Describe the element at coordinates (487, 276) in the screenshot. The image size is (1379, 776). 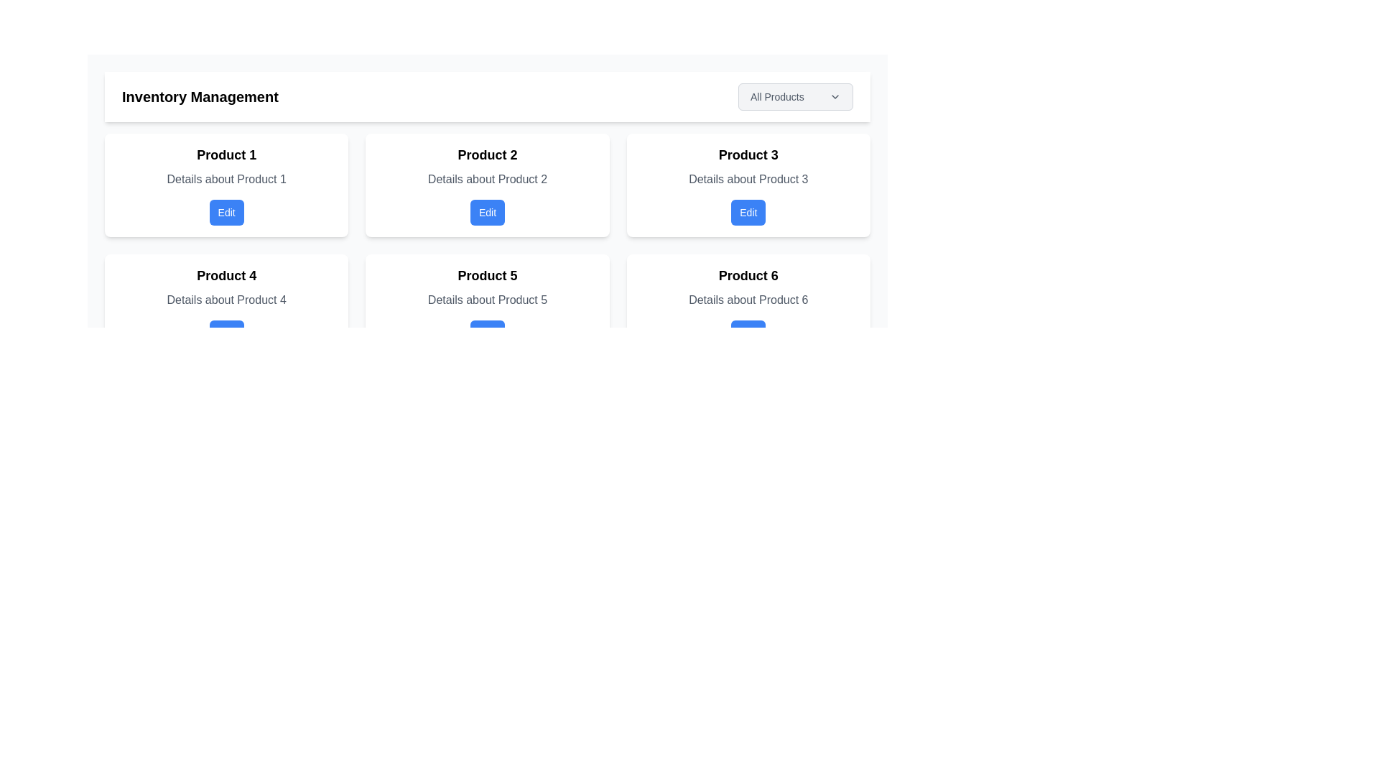
I see `the bold, black text label reading 'Product 5' located centrally above other elements in the card for 'Product 5' in the second row, third column of the grid layout` at that location.